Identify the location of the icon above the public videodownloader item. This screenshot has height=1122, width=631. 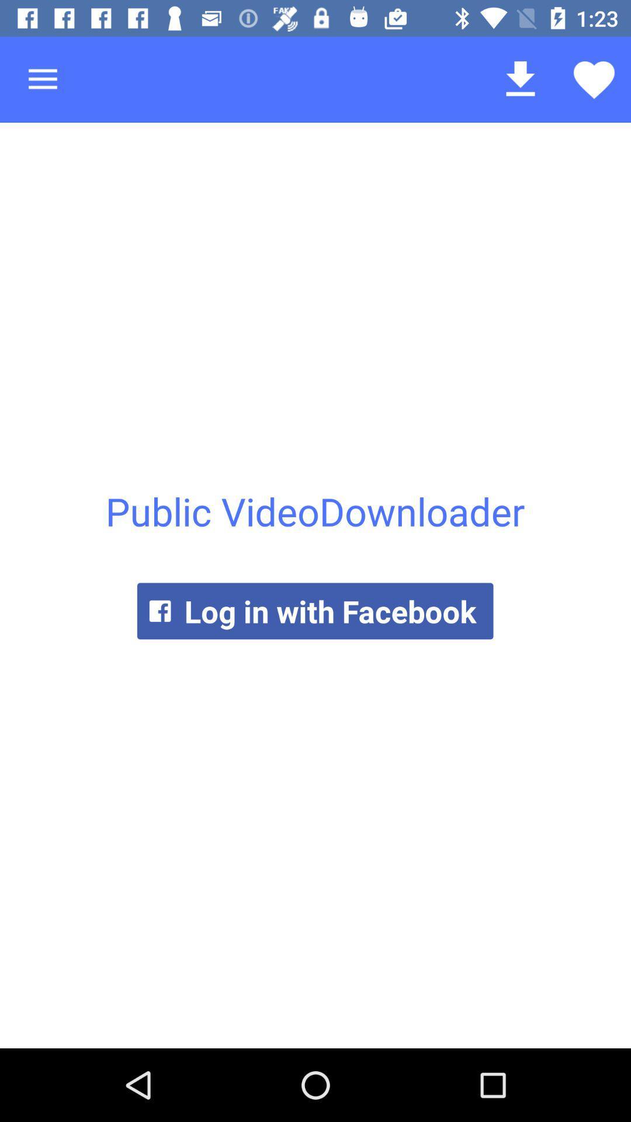
(594, 79).